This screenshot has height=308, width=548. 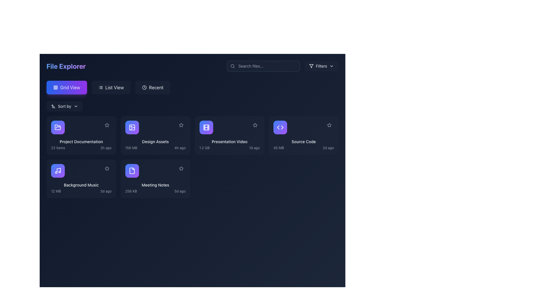 What do you see at coordinates (181, 125) in the screenshot?
I see `the star icon button located in the 'Design Assets' card in the second column of the first row` at bounding box center [181, 125].